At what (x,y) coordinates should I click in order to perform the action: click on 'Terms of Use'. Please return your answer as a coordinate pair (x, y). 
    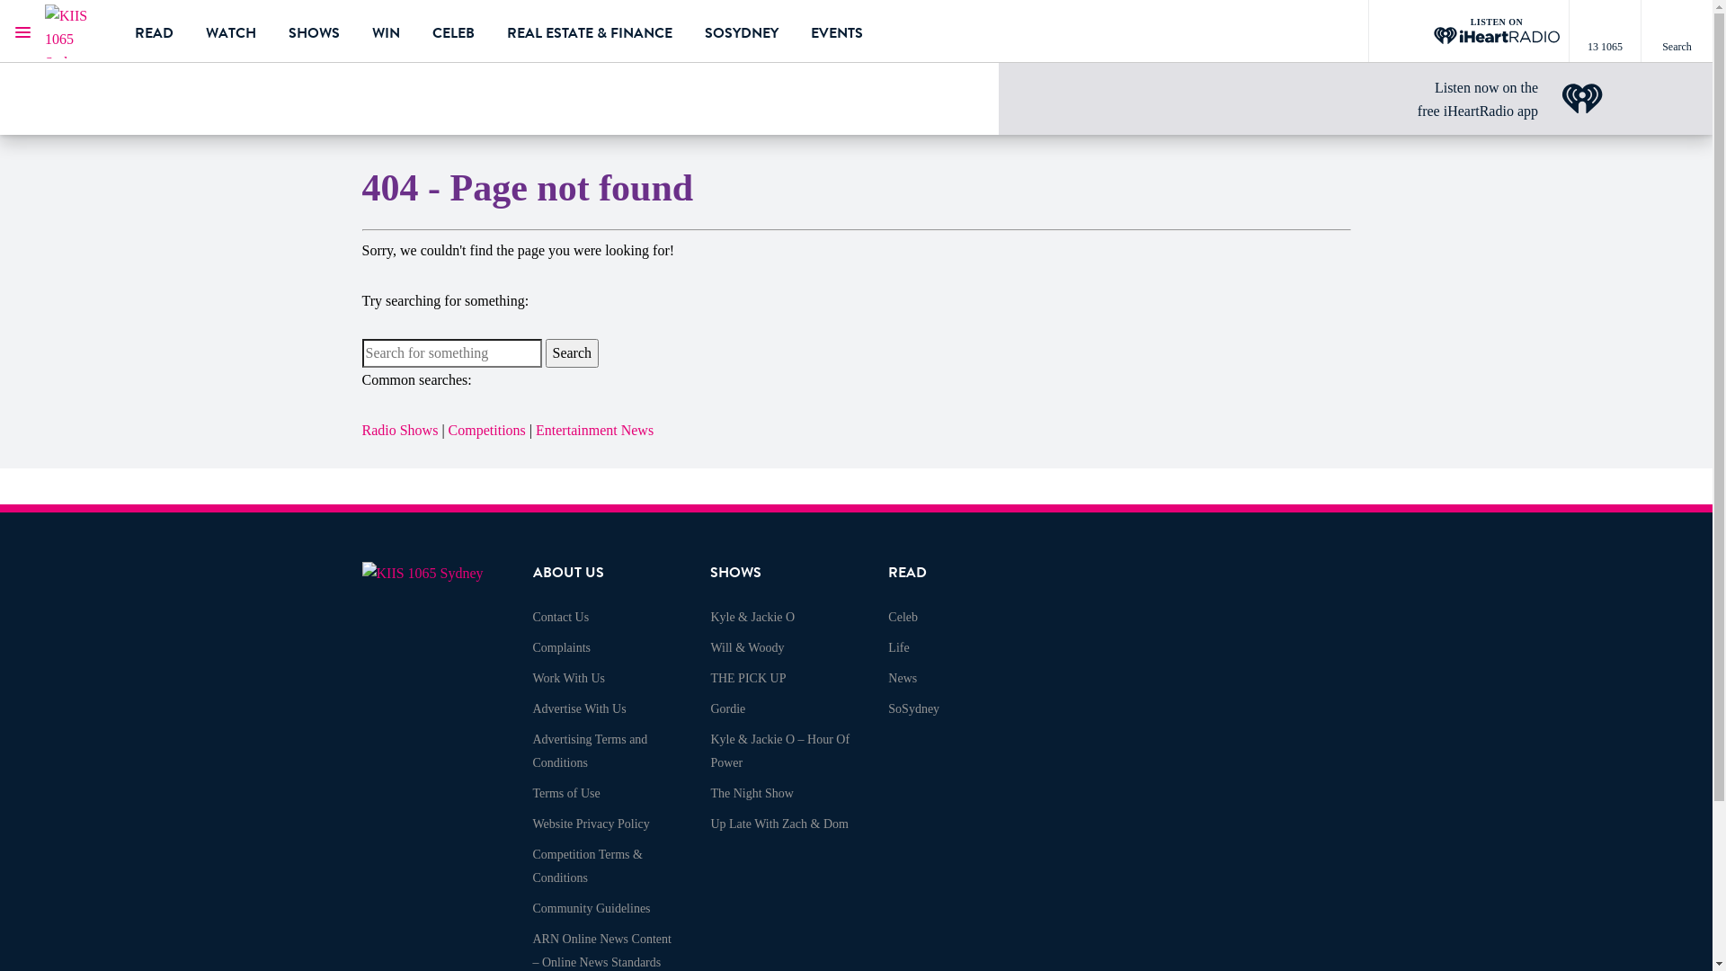
    Looking at the image, I should click on (530, 792).